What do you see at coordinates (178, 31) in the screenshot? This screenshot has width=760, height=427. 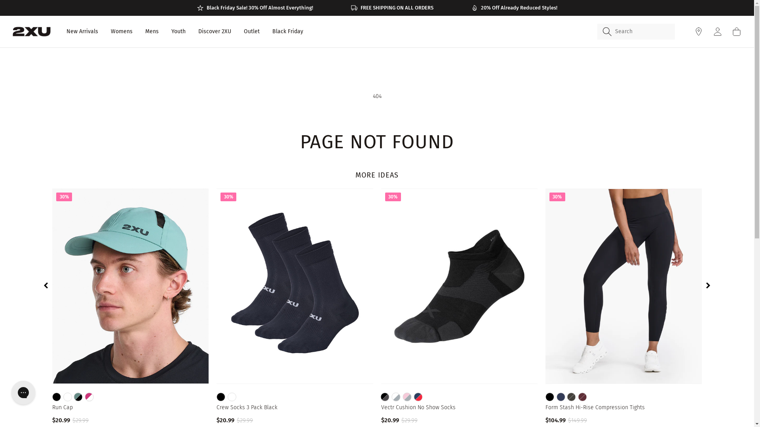 I see `'Youth'` at bounding box center [178, 31].